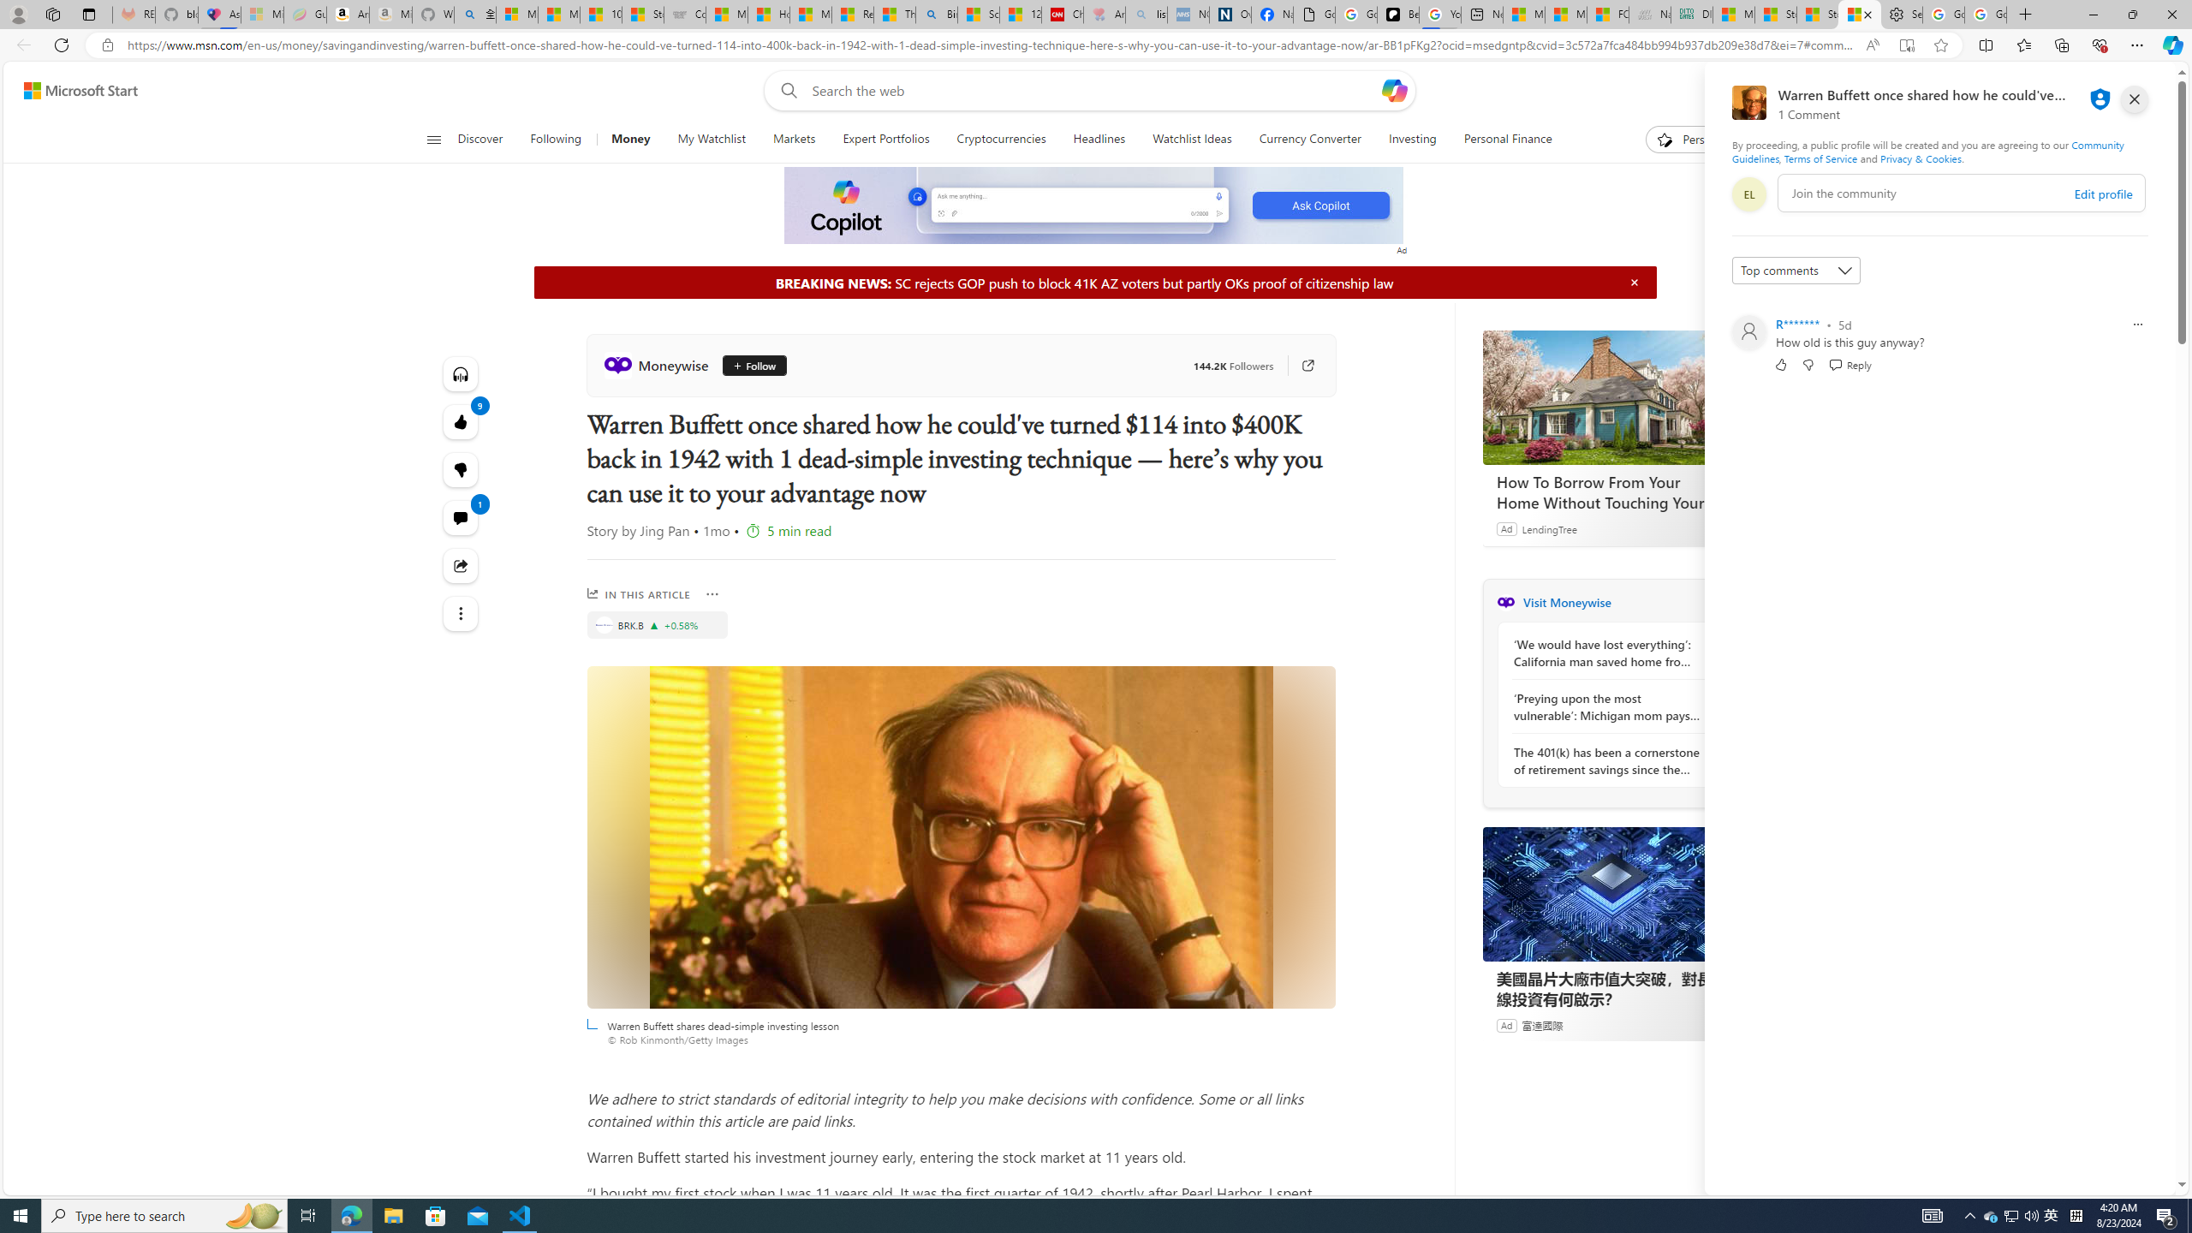  What do you see at coordinates (1920, 158) in the screenshot?
I see `'Privacy & Cookies'` at bounding box center [1920, 158].